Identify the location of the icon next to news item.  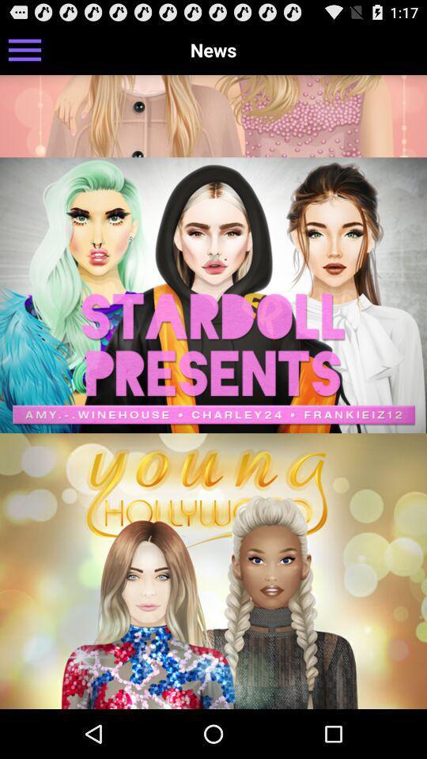
(24, 49).